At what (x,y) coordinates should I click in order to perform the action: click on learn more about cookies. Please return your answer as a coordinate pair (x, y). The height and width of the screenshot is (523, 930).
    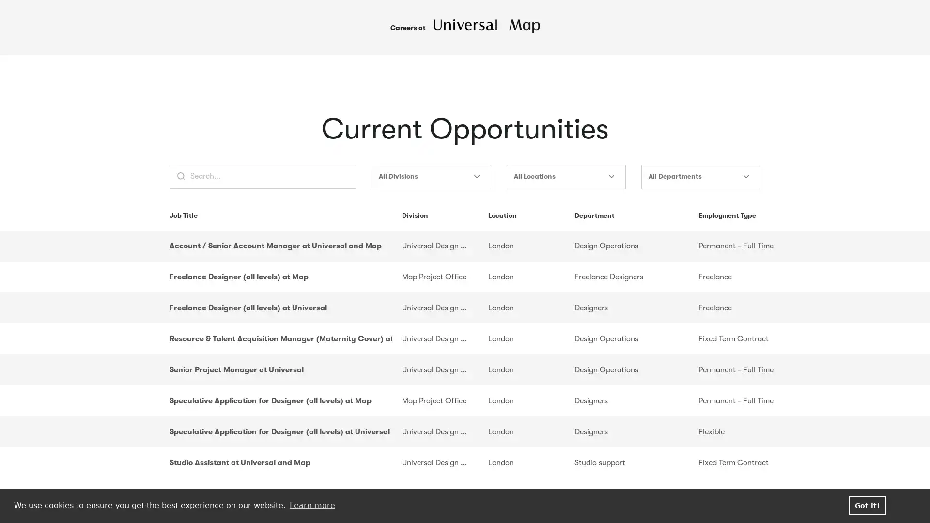
    Looking at the image, I should click on (312, 505).